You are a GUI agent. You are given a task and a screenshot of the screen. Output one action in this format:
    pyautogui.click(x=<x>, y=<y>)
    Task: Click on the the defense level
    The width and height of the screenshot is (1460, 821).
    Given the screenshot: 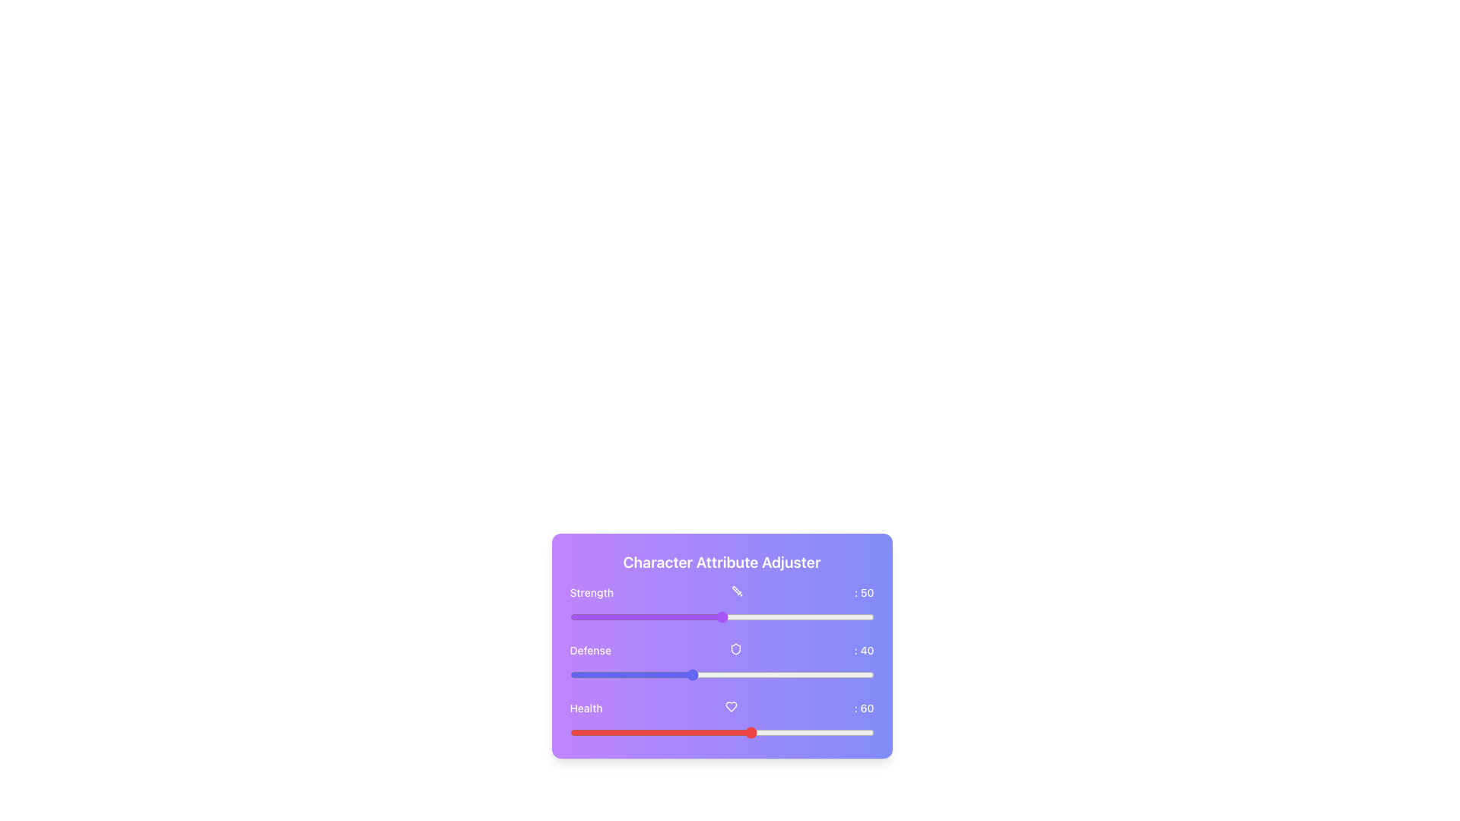 What is the action you would take?
    pyautogui.click(x=782, y=674)
    